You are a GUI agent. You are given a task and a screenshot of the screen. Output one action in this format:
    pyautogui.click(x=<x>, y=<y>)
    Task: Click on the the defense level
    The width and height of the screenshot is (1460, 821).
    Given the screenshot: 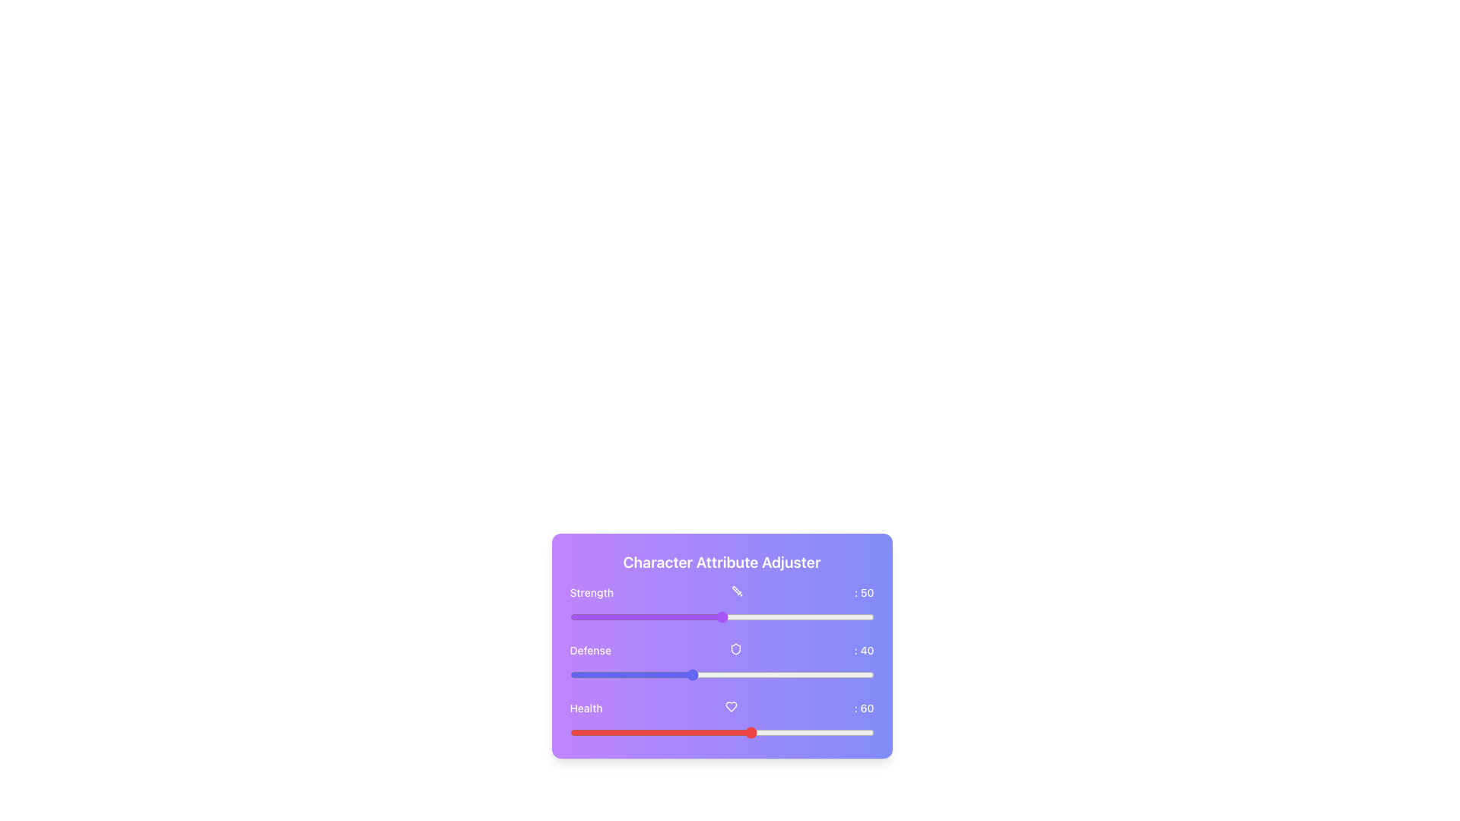 What is the action you would take?
    pyautogui.click(x=782, y=674)
    